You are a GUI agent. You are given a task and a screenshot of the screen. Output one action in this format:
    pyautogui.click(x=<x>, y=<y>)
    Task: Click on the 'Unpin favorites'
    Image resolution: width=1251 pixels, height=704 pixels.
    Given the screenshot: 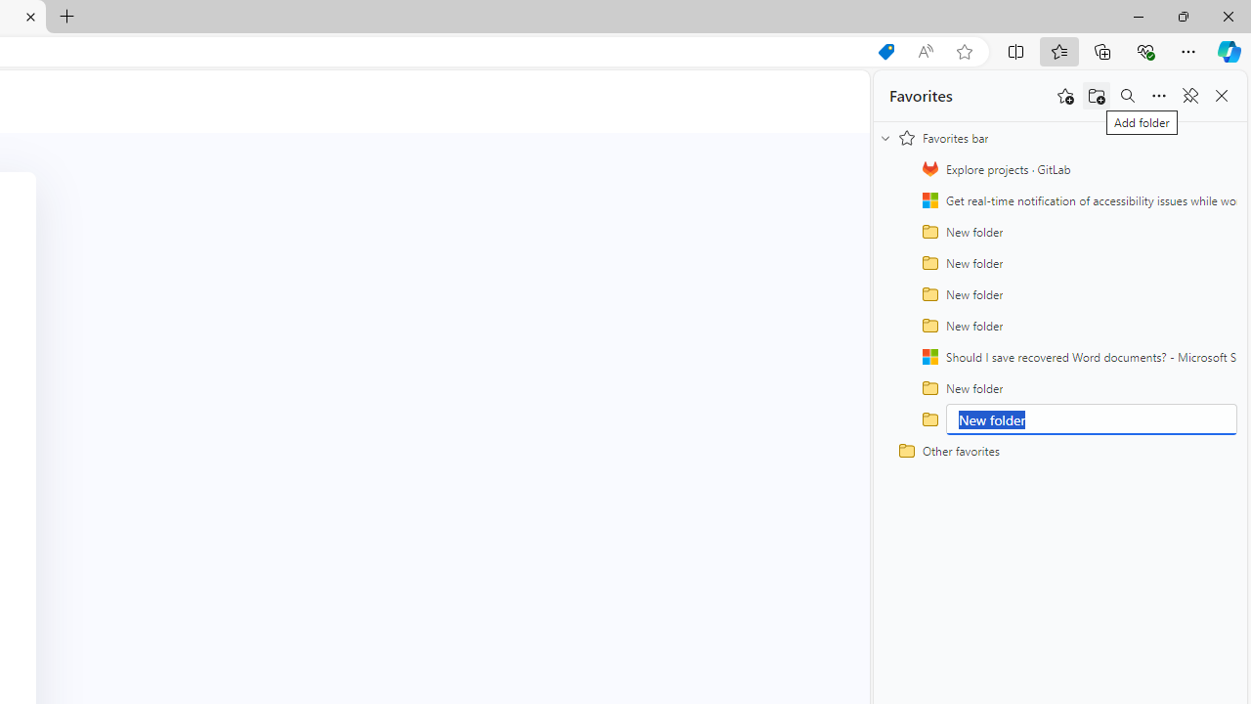 What is the action you would take?
    pyautogui.click(x=1188, y=96)
    